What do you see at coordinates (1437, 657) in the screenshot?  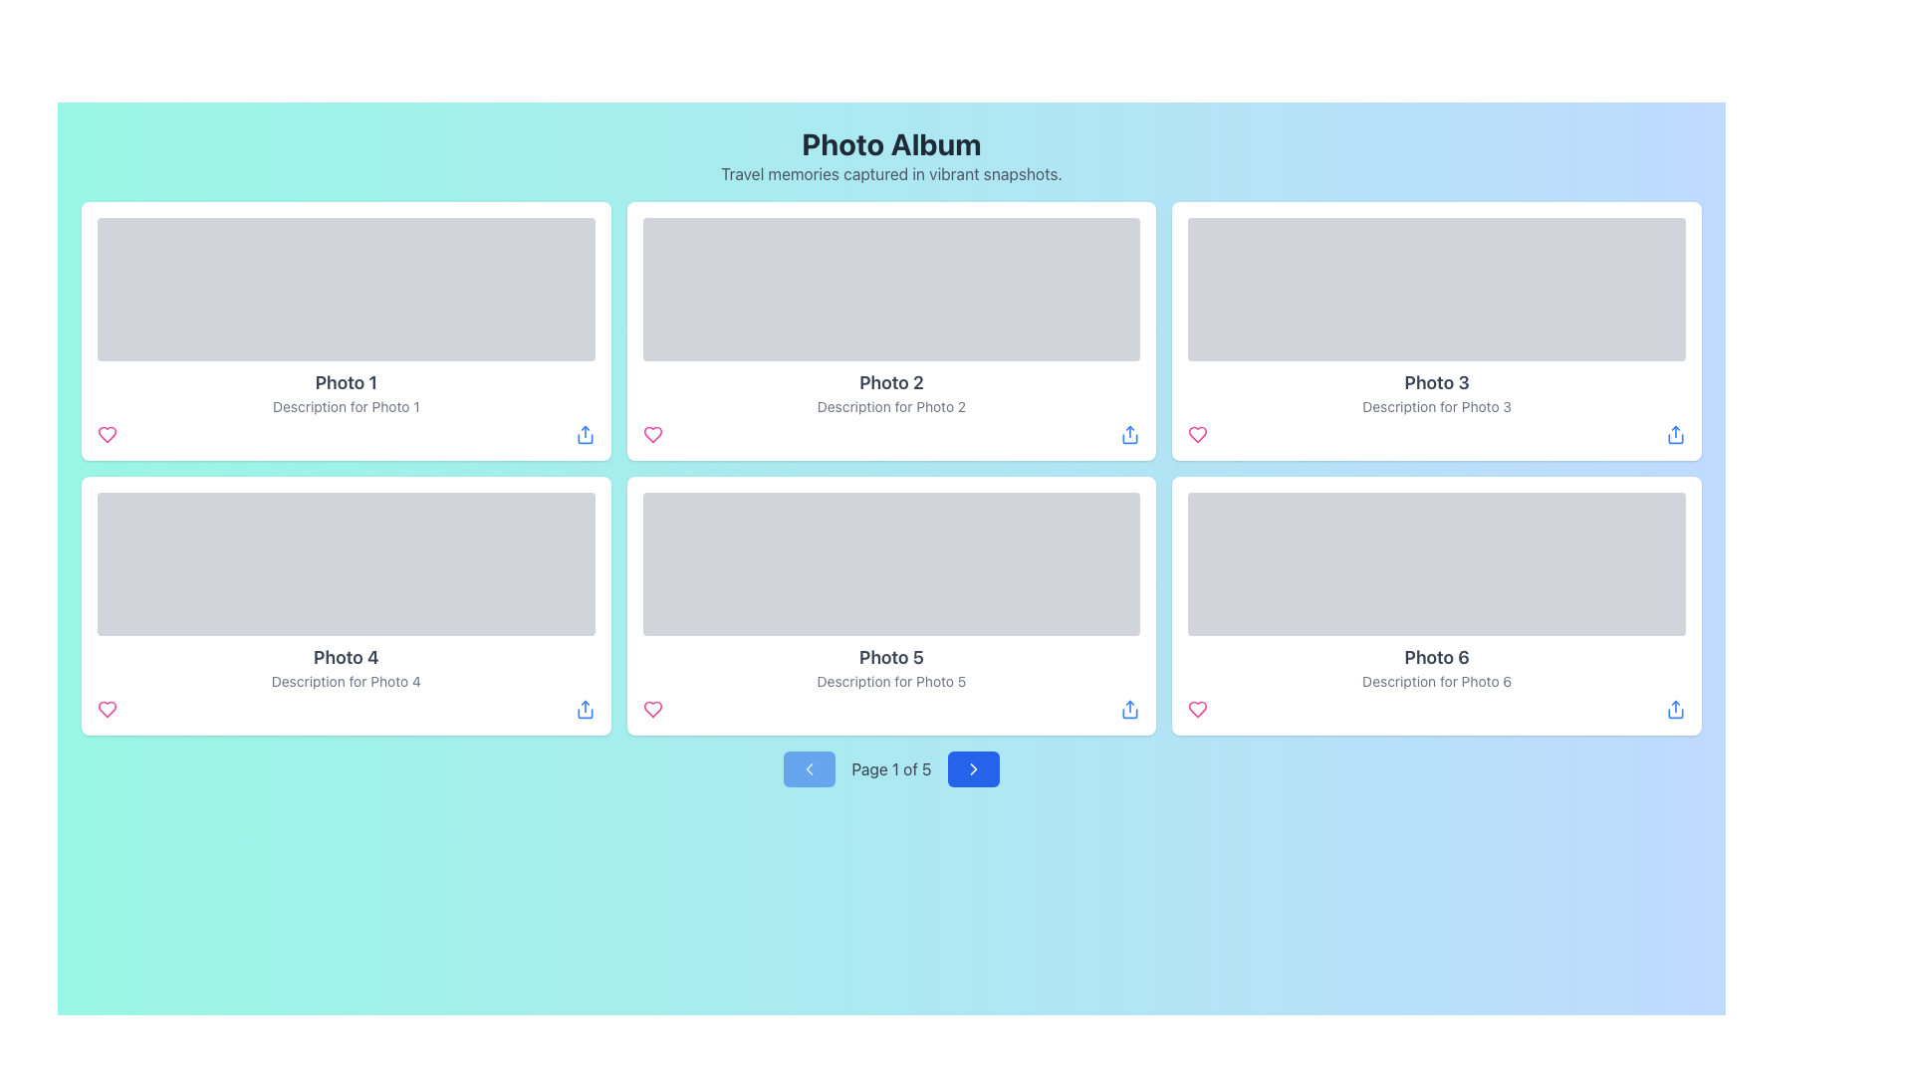 I see `the Text Label that serves as a title for the corresponding photo in the bottom-right card of the 3x2 grid layout, which is located centrally above the descriptive text` at bounding box center [1437, 657].